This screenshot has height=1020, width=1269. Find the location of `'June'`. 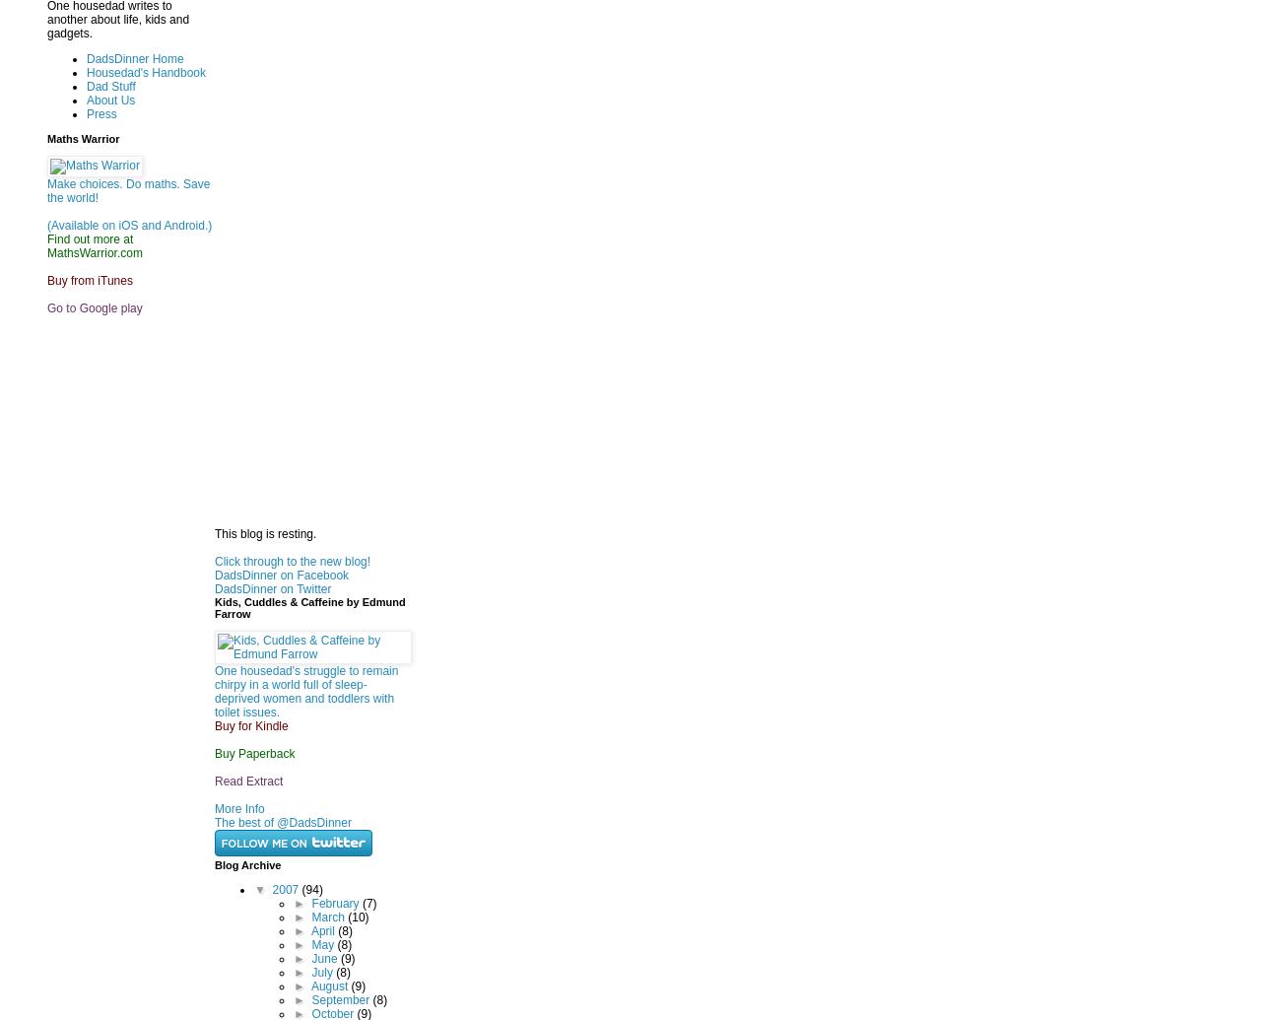

'June' is located at coordinates (310, 956).